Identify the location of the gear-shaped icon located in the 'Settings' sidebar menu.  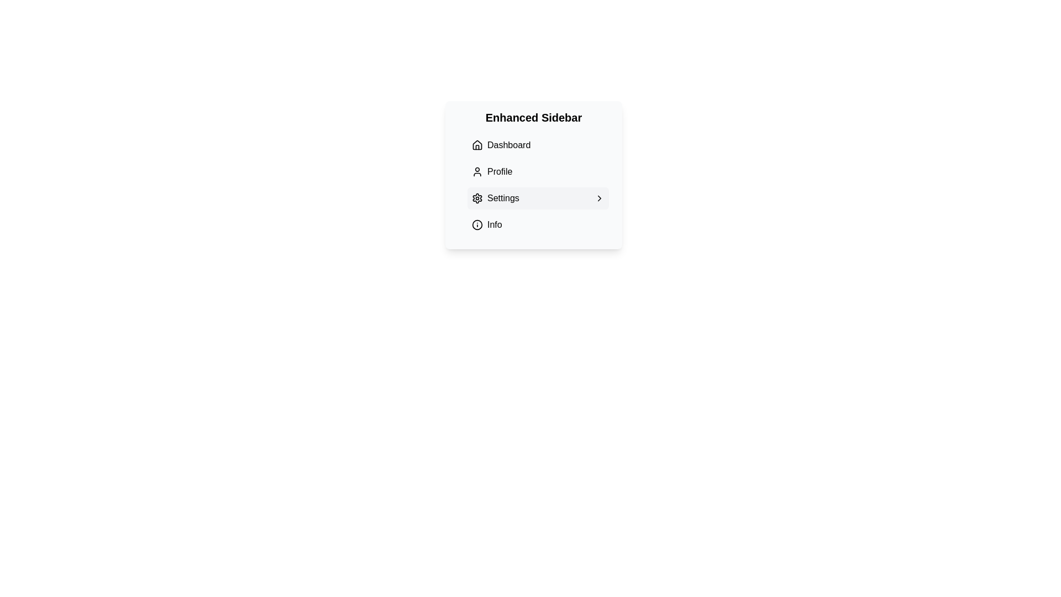
(477, 197).